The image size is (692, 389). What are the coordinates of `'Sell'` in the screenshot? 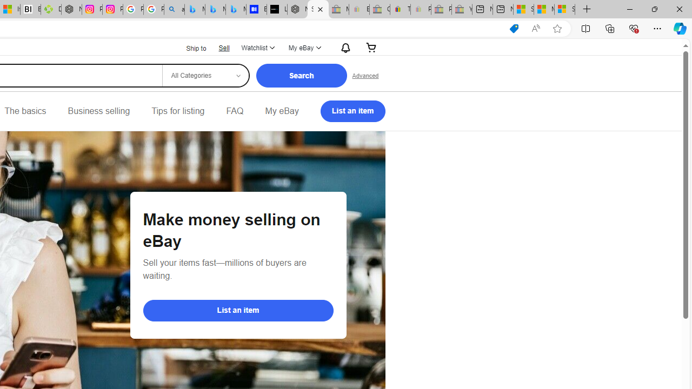 It's located at (223, 47).